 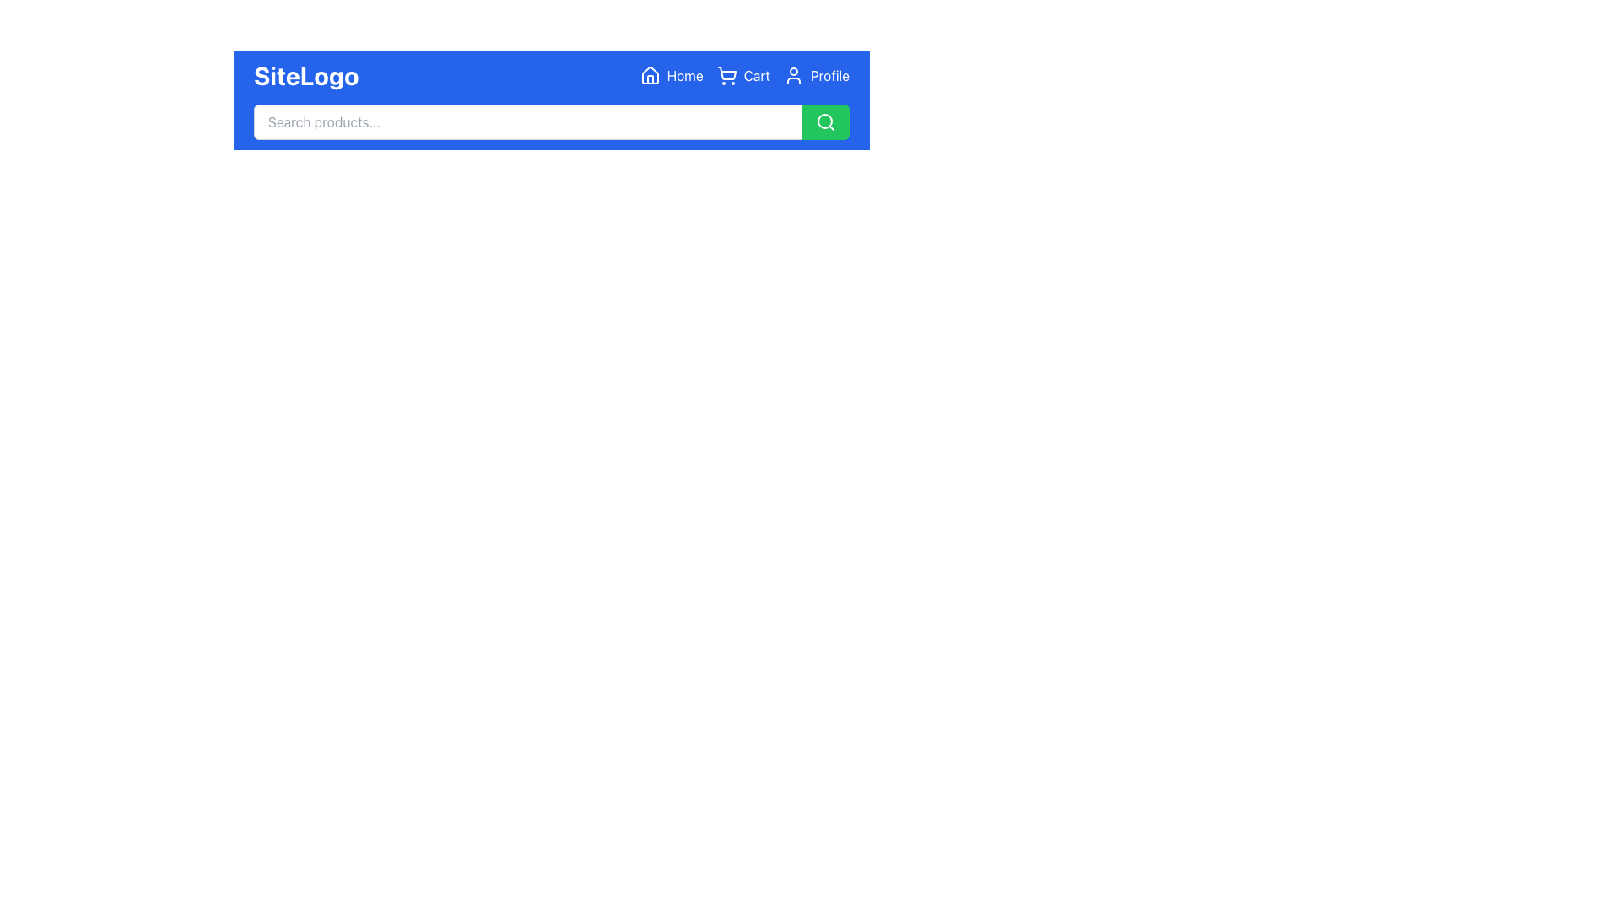 I want to click on the user profile icon located near the top-right corner of the interface, beside the 'Profile' label, so click(x=792, y=74).